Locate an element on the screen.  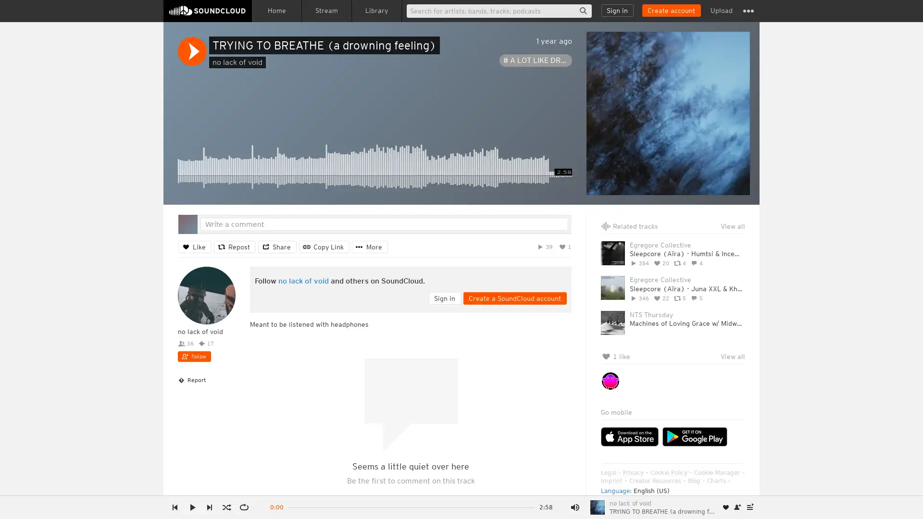
Like is located at coordinates (194, 246).